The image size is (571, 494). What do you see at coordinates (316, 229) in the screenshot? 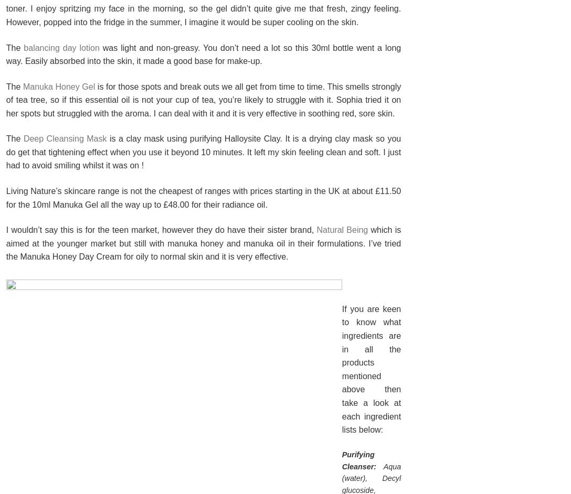
I see `'Natural Being'` at bounding box center [316, 229].